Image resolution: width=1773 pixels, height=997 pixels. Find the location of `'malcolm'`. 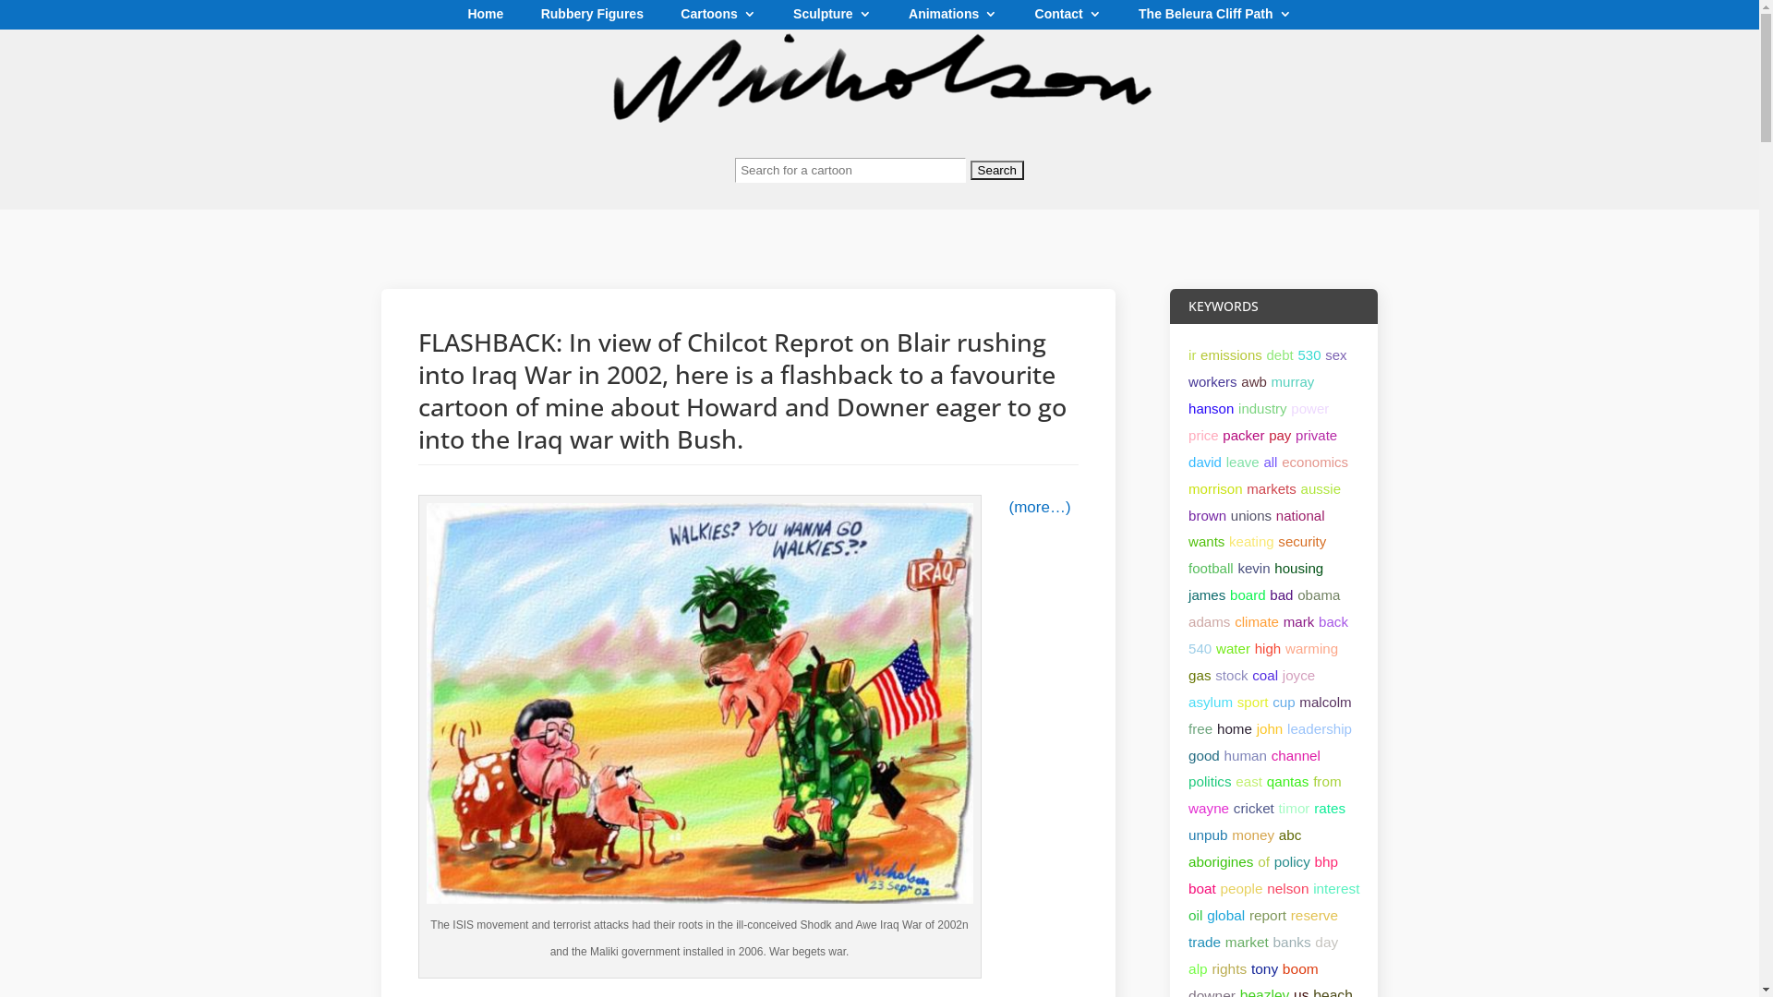

'malcolm' is located at coordinates (1324, 702).